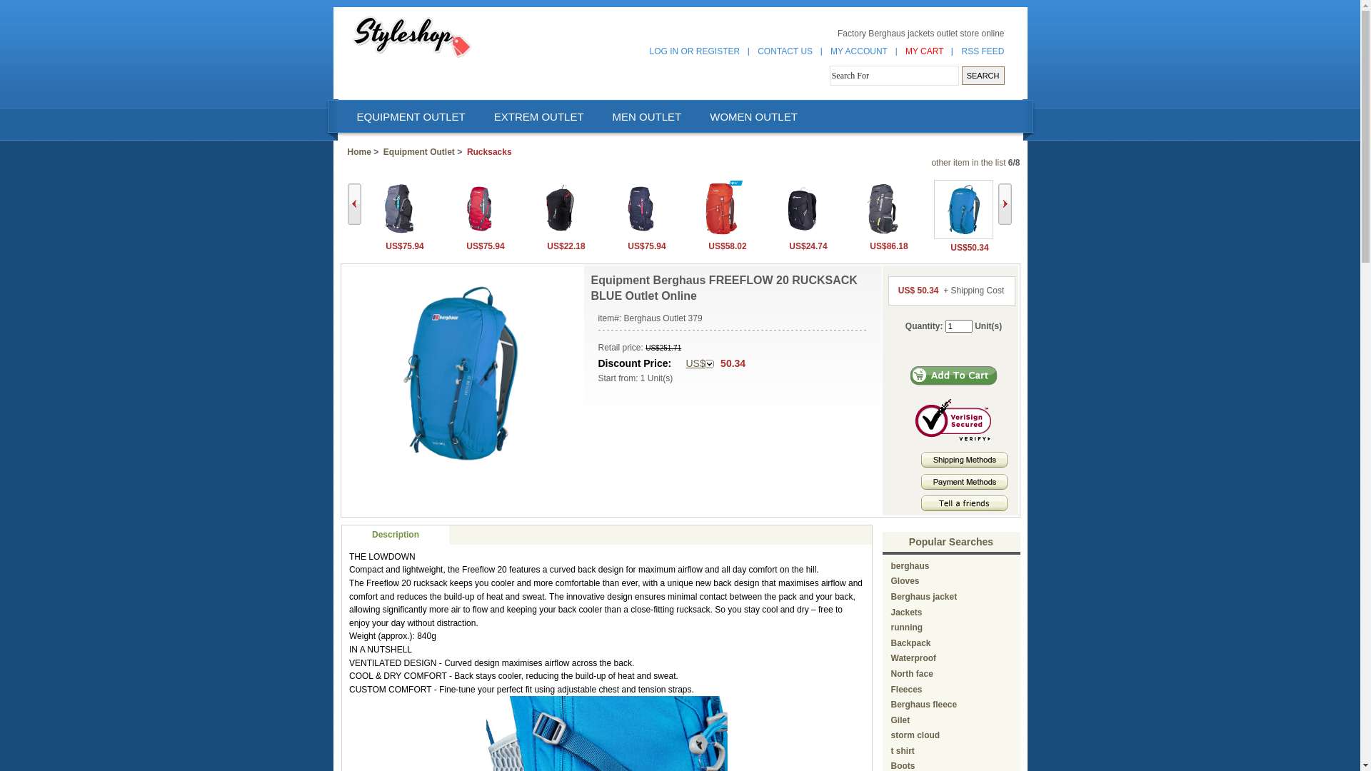  I want to click on 'berghaus', so click(910, 565).